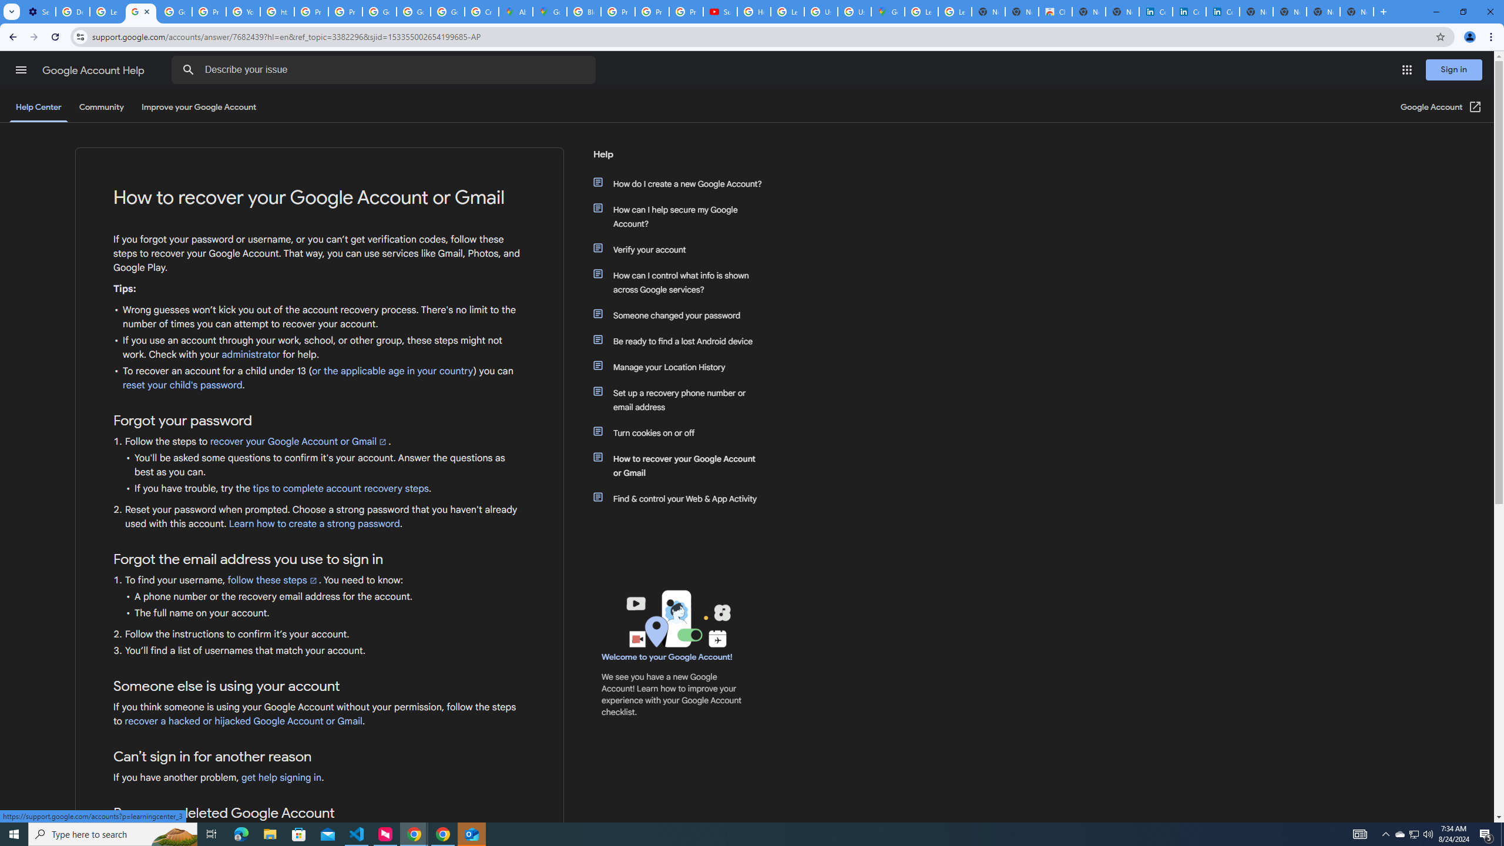  Describe the element at coordinates (720, 11) in the screenshot. I see `'Subscriptions - YouTube'` at that location.